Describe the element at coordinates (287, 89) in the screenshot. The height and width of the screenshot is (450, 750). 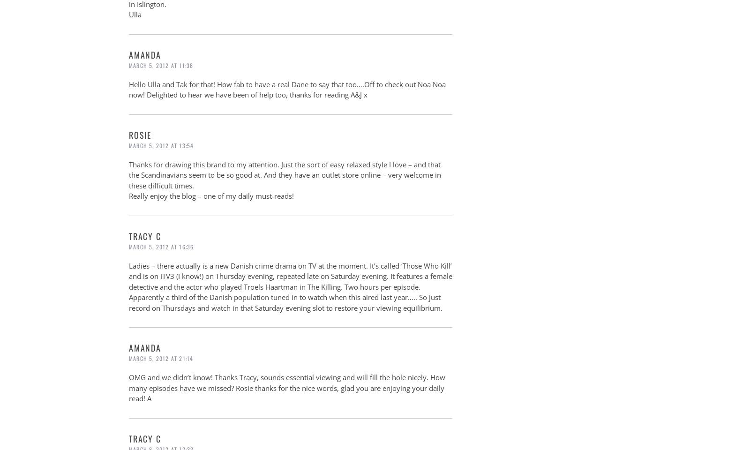
I see `'Hello Ulla and Tak for that! How fab to have a real Dane to say that too….Off to check out Noa Noa now! Delighted to hear we have been of help too, thanks for reading A&J x'` at that location.